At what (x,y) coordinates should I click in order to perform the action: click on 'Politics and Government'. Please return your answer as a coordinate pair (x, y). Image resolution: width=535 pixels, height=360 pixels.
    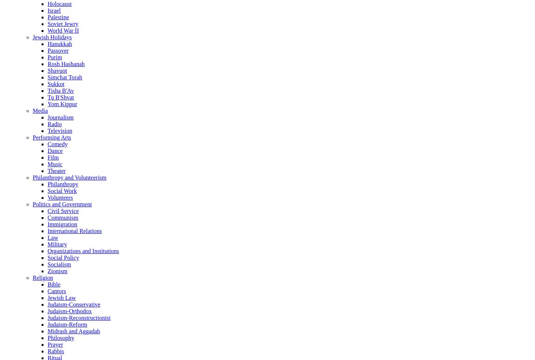
    Looking at the image, I should click on (32, 203).